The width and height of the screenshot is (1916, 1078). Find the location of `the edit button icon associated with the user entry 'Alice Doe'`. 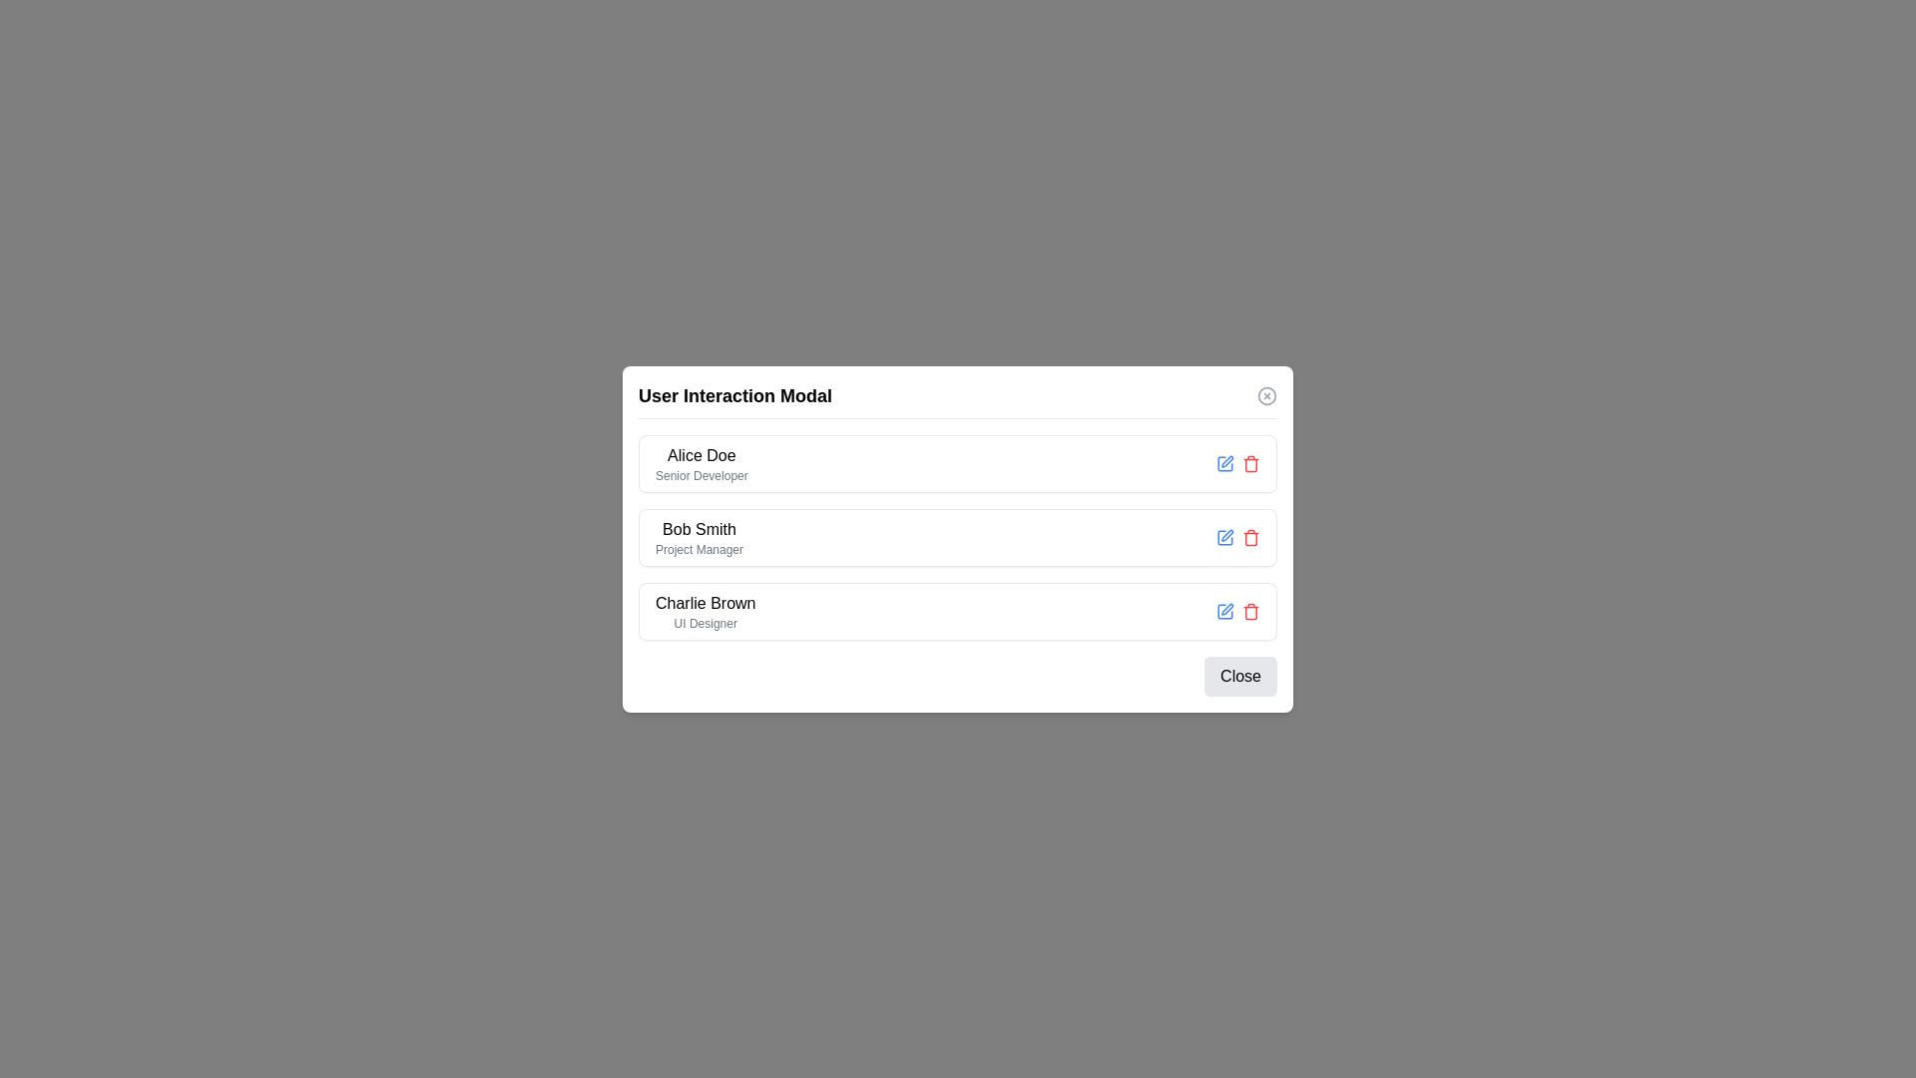

the edit button icon associated with the user entry 'Alice Doe' is located at coordinates (1224, 463).